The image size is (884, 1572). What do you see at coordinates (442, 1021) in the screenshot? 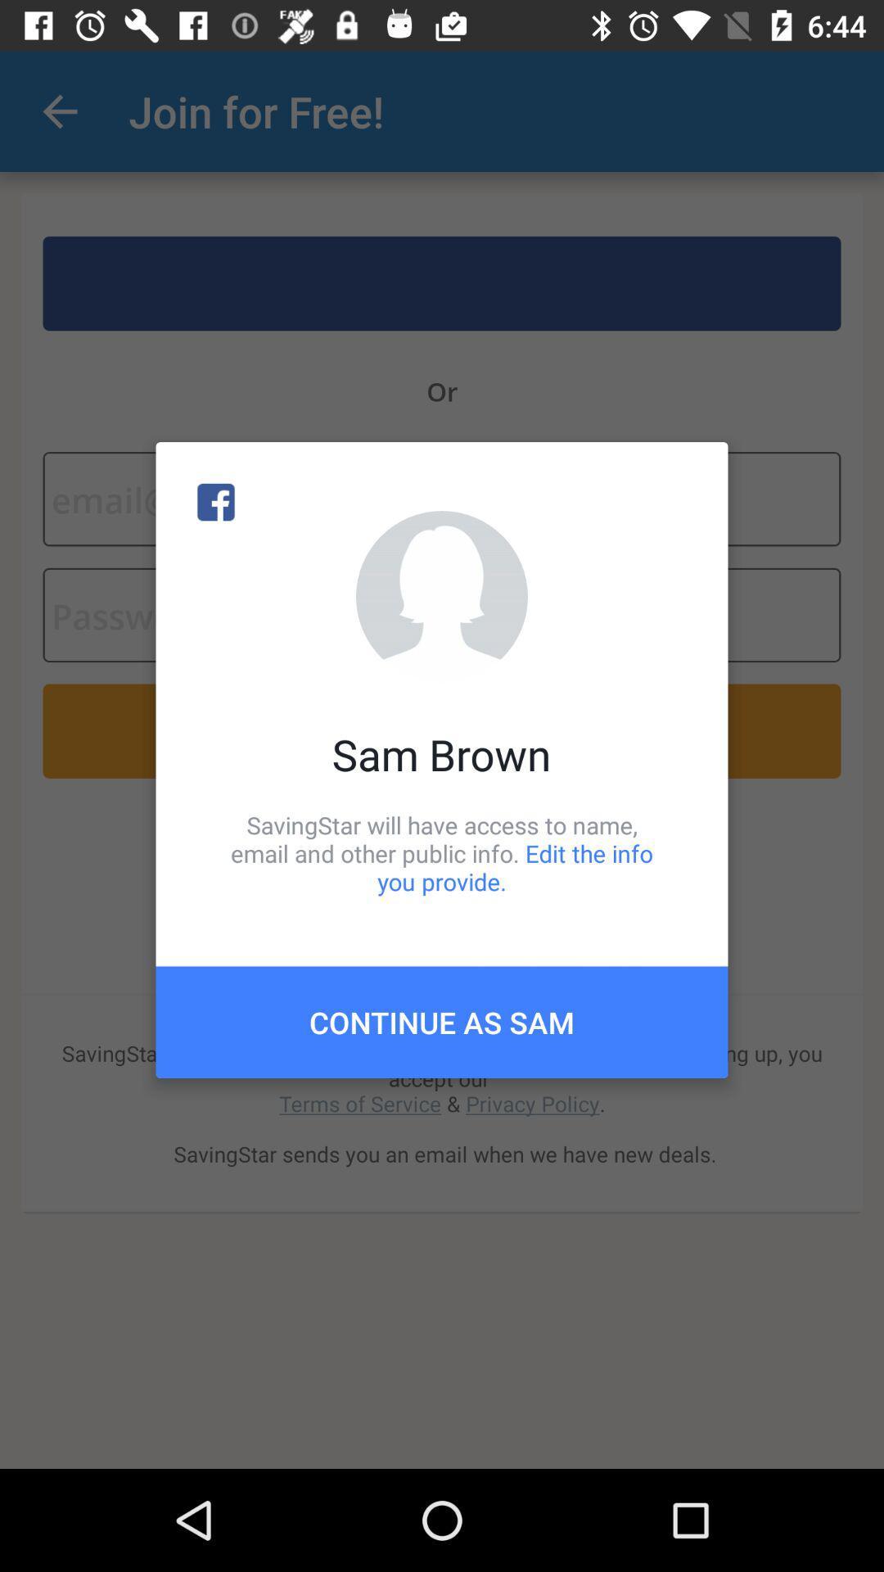
I see `continue as sam item` at bounding box center [442, 1021].